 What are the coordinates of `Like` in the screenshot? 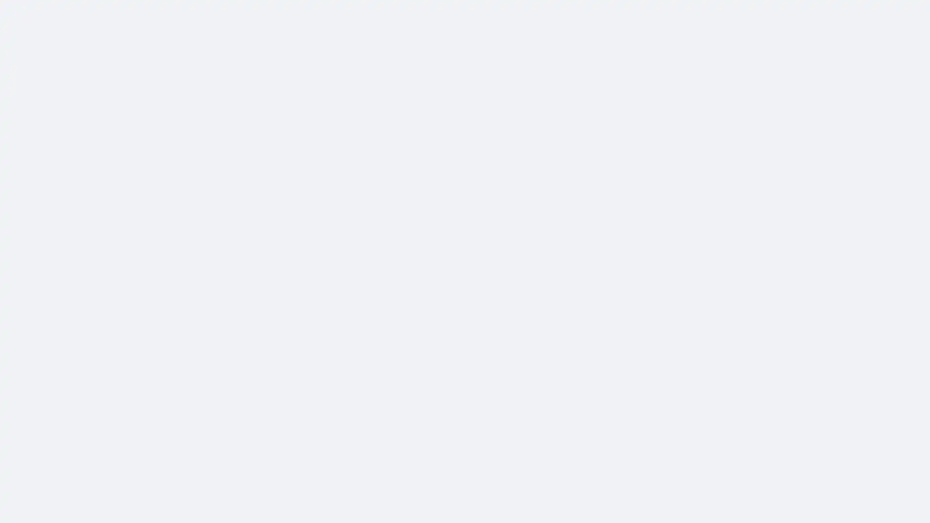 It's located at (480, 466).